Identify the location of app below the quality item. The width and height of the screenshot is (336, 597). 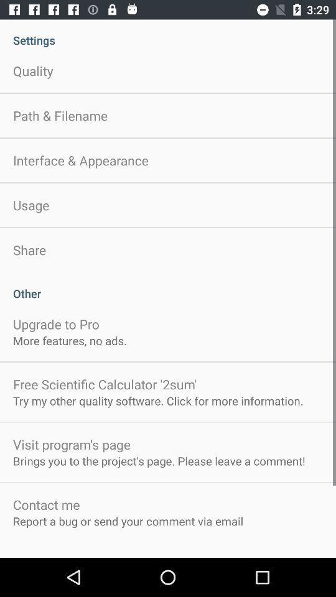
(60, 116).